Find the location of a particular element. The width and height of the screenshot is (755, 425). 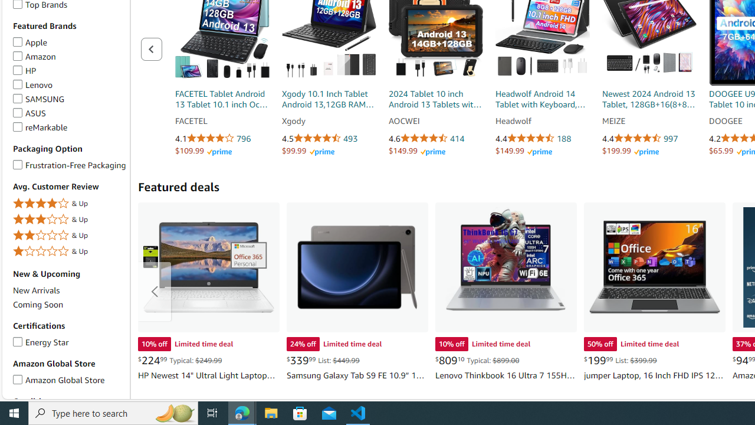

'MEIZE' is located at coordinates (649, 121).